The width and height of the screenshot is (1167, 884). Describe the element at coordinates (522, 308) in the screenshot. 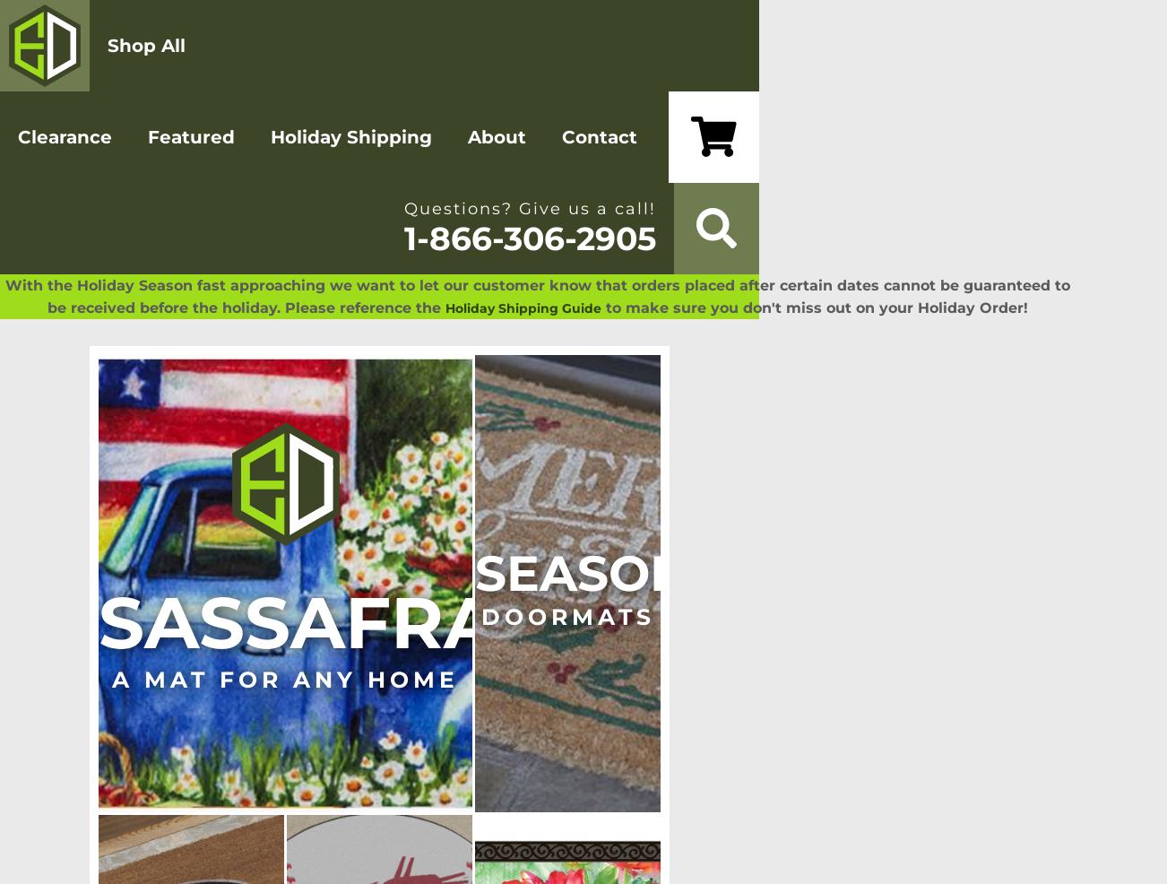

I see `'Holiday Shipping Guide'` at that location.